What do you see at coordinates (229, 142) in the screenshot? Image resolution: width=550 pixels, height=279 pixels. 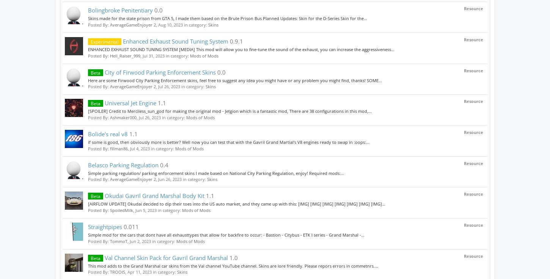 I see `'if some is good, then obviously more is better? Well now you can test that with the Gavril Grand Martial's V8 engines ready to swap in :oops:...'` at bounding box center [229, 142].